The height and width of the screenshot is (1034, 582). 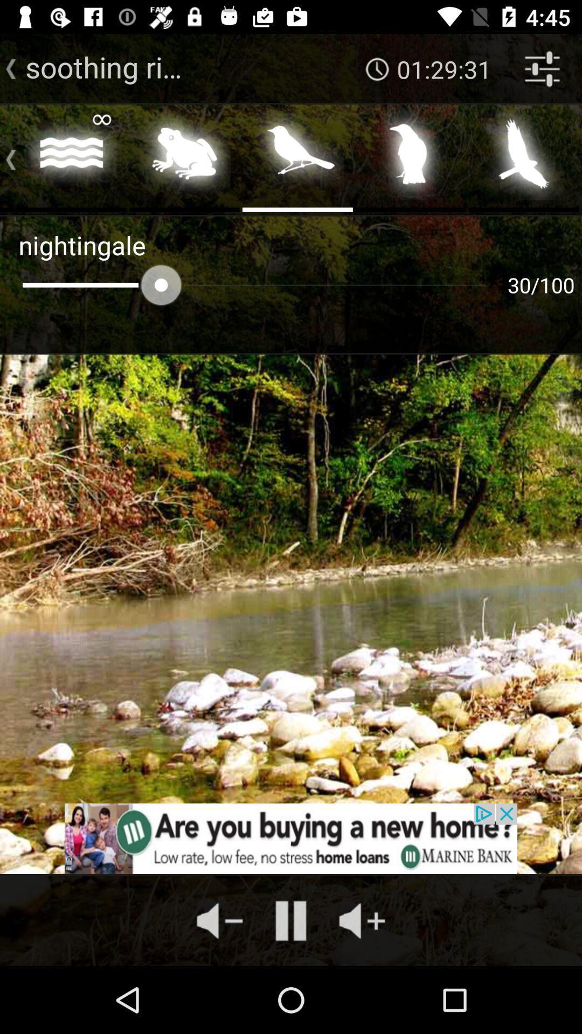 I want to click on the volume icon, so click(x=362, y=920).